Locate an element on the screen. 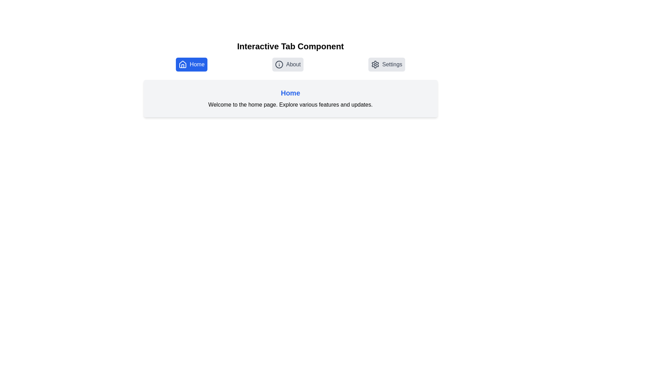 The width and height of the screenshot is (666, 375). the About tab is located at coordinates (288, 64).